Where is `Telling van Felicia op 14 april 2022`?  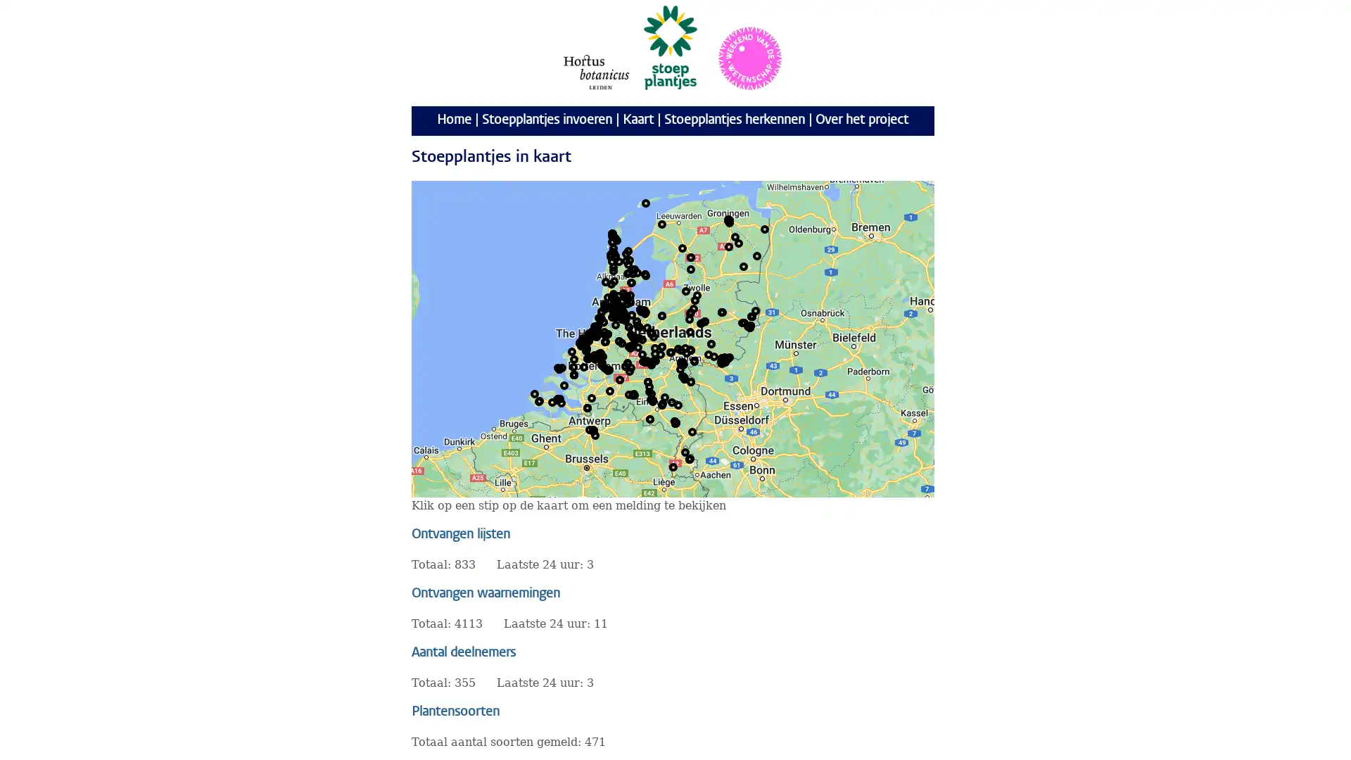 Telling van Felicia op 14 april 2022 is located at coordinates (621, 309).